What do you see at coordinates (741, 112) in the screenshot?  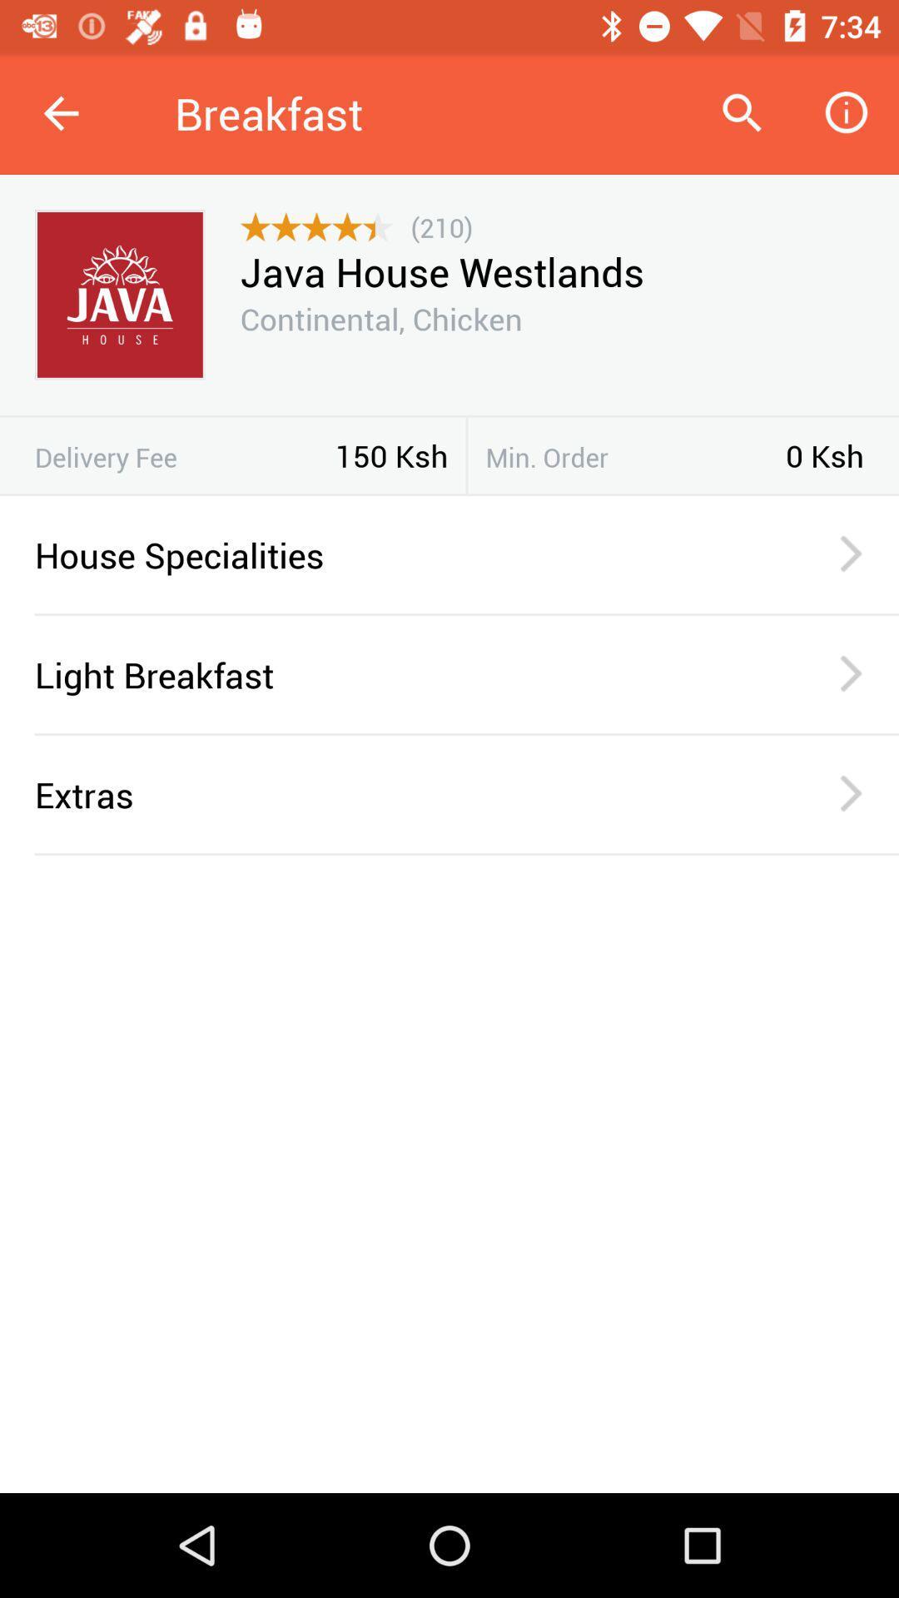 I see `item to the right of breakfast item` at bounding box center [741, 112].